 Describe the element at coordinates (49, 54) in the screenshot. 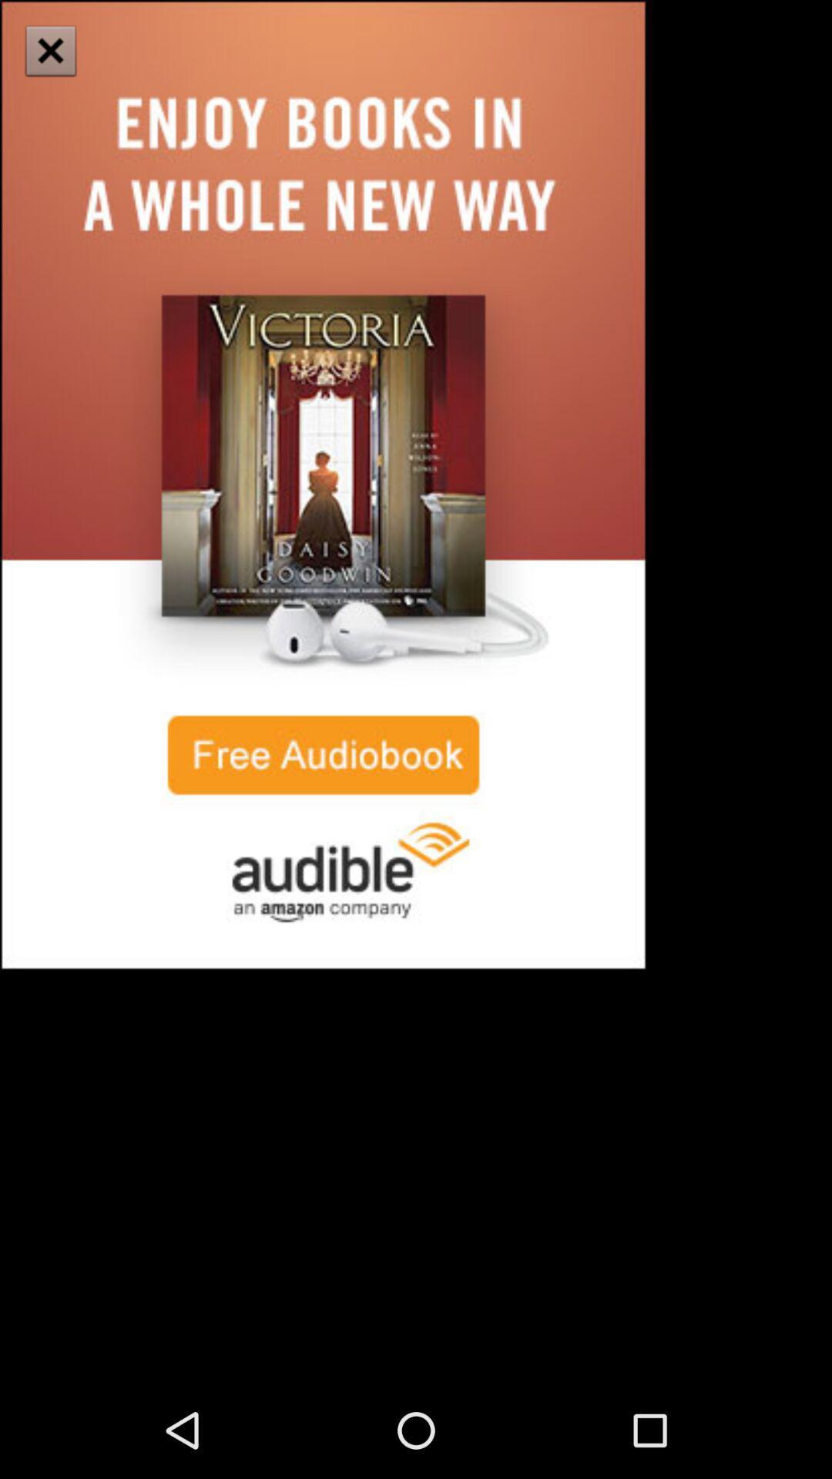

I see `the close icon` at that location.